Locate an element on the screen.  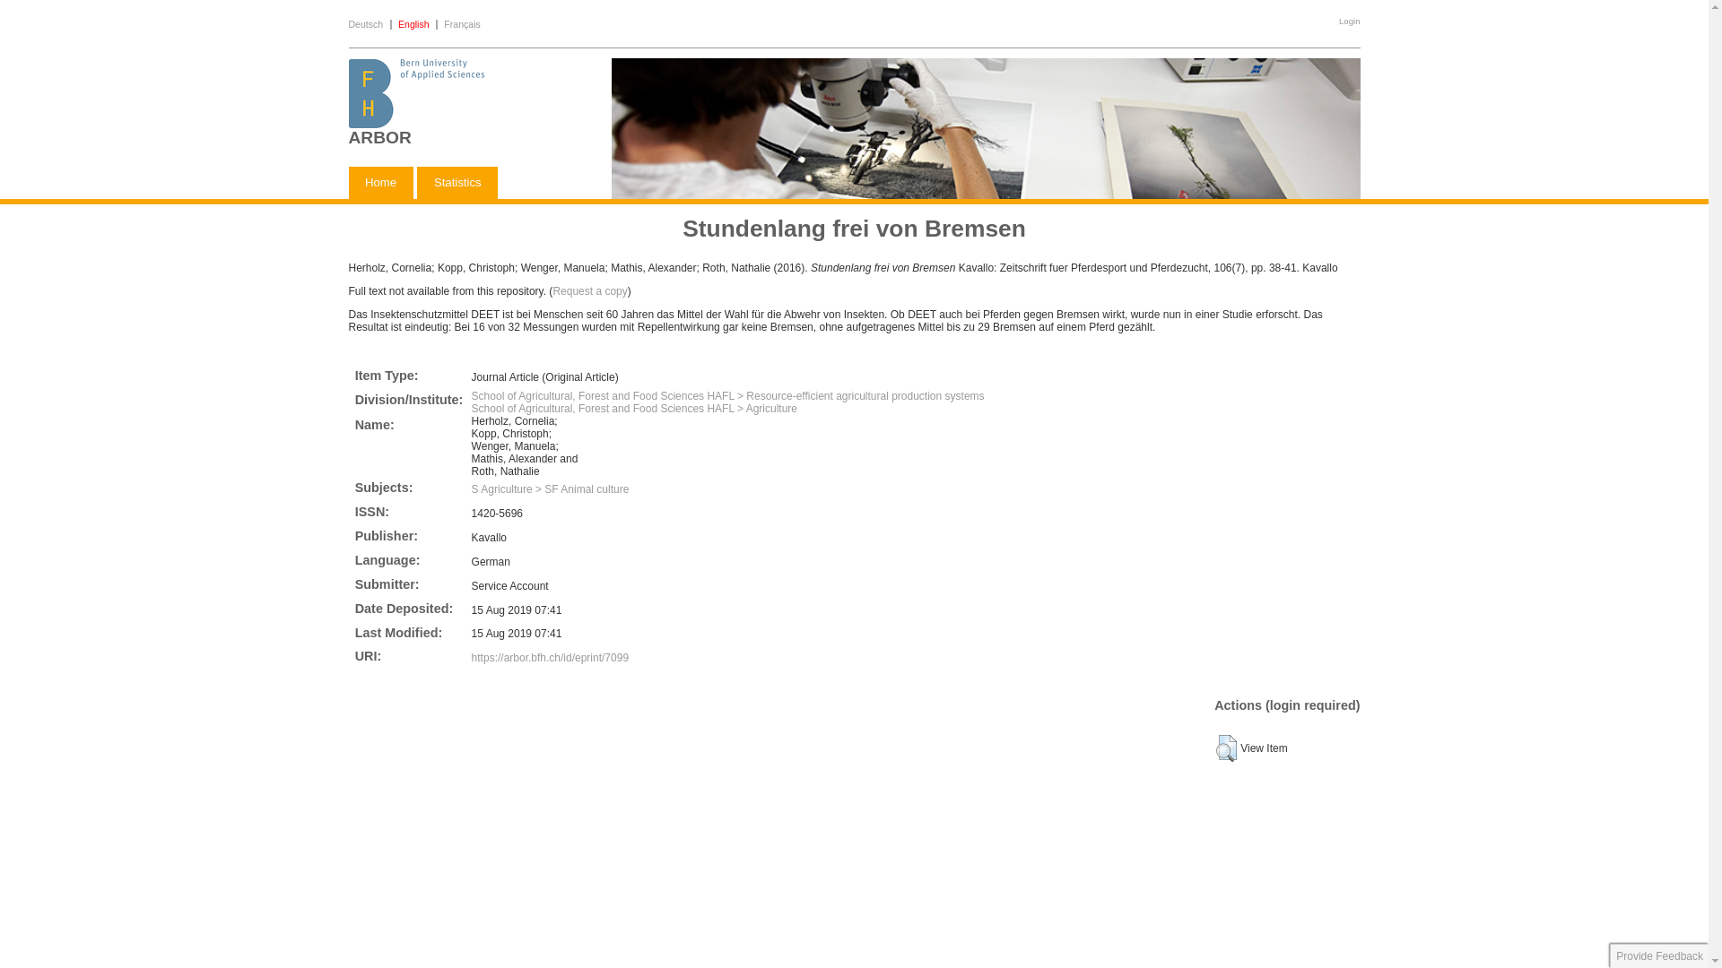
'Home' is located at coordinates (378, 185).